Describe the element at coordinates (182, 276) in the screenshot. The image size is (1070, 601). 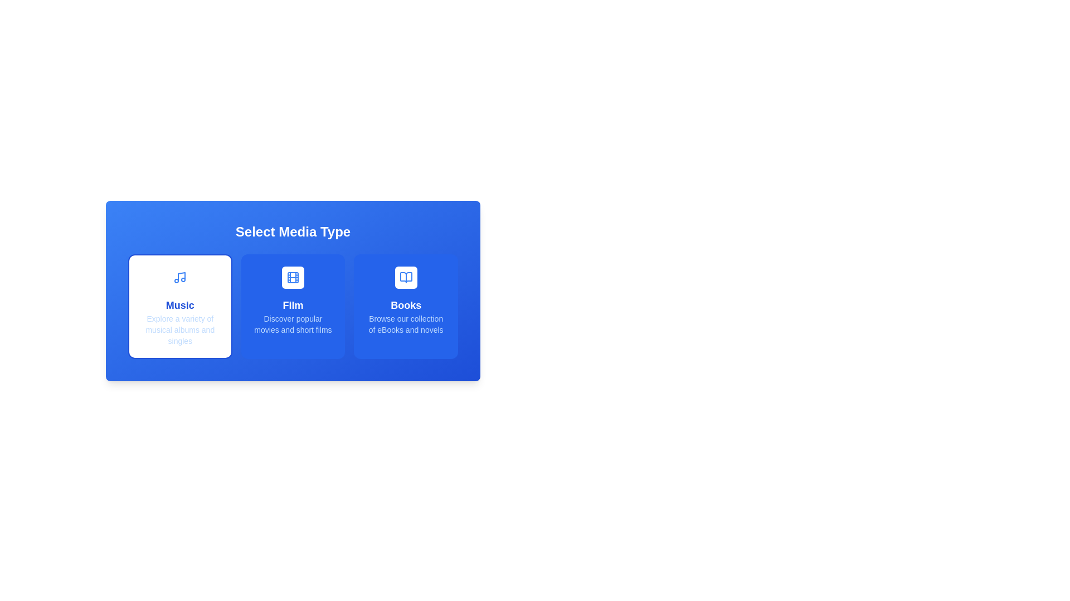
I see `vertical line element of the musical note icon located in the upper-left region of the 'Music' card for development purposes` at that location.